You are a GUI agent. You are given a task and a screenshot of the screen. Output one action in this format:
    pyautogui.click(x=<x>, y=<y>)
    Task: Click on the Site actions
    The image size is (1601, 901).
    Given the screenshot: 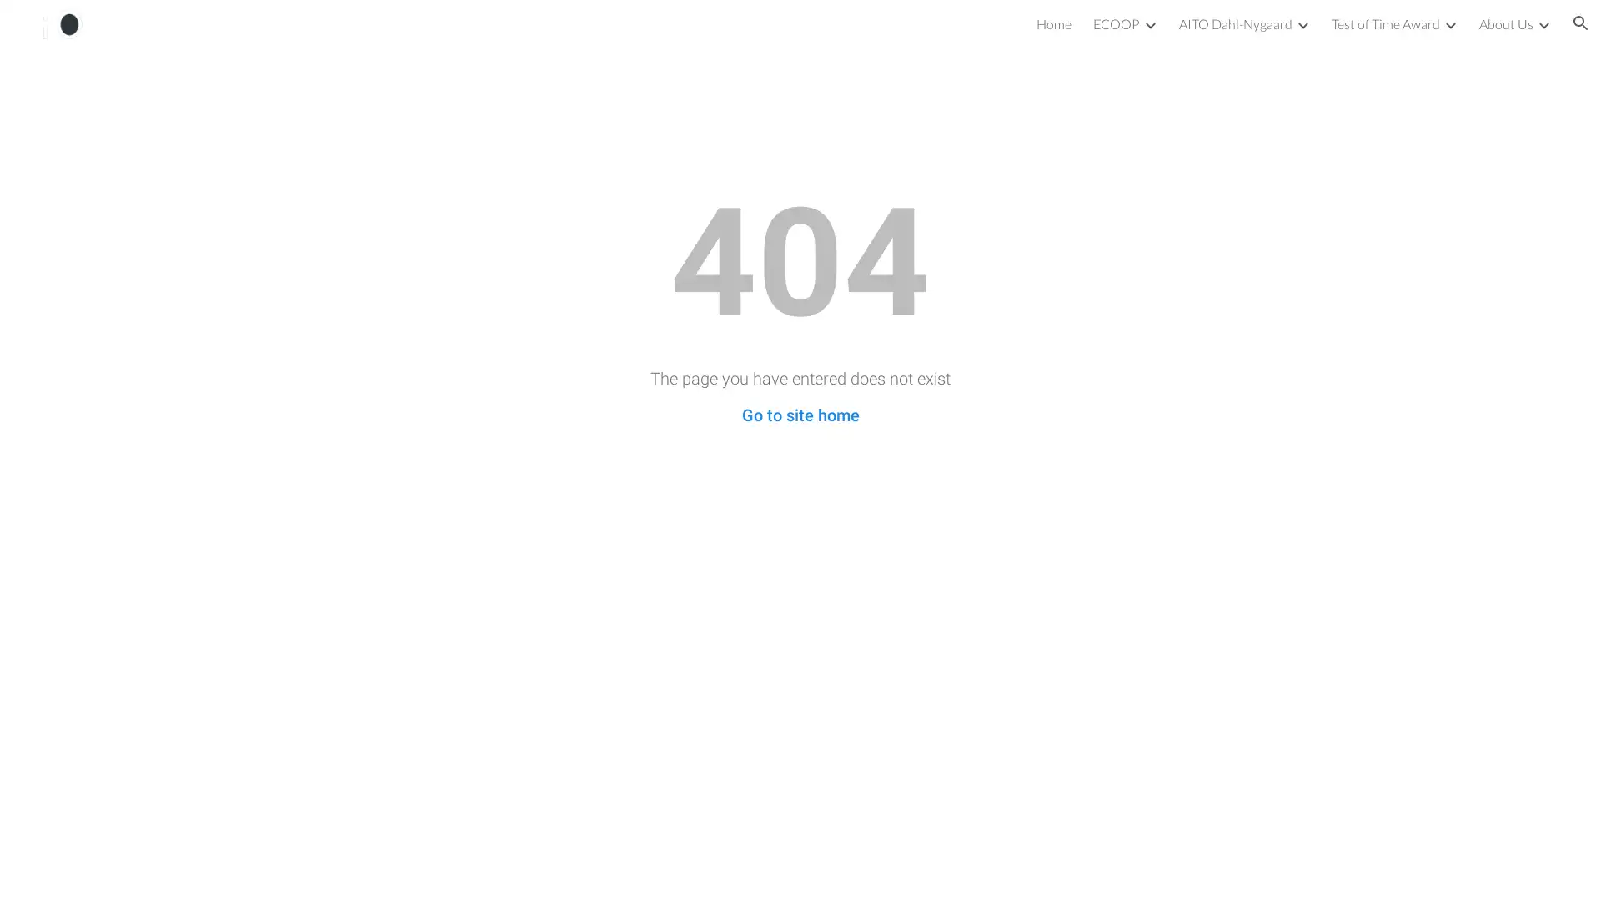 What is the action you would take?
    pyautogui.click(x=29, y=871)
    